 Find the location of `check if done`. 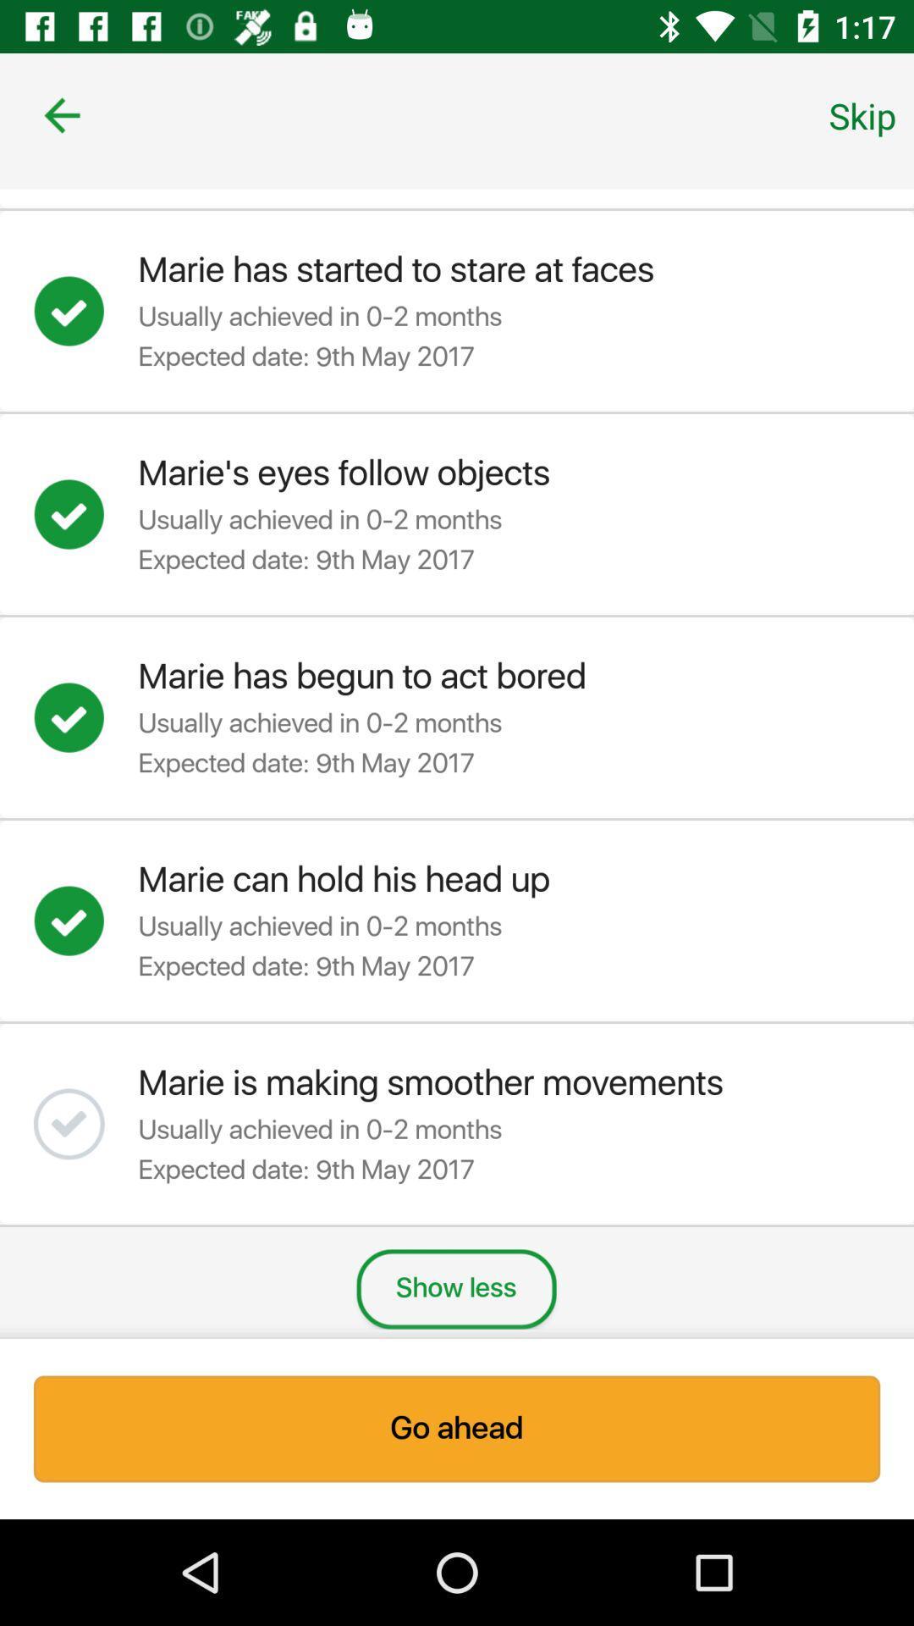

check if done is located at coordinates (85, 513).